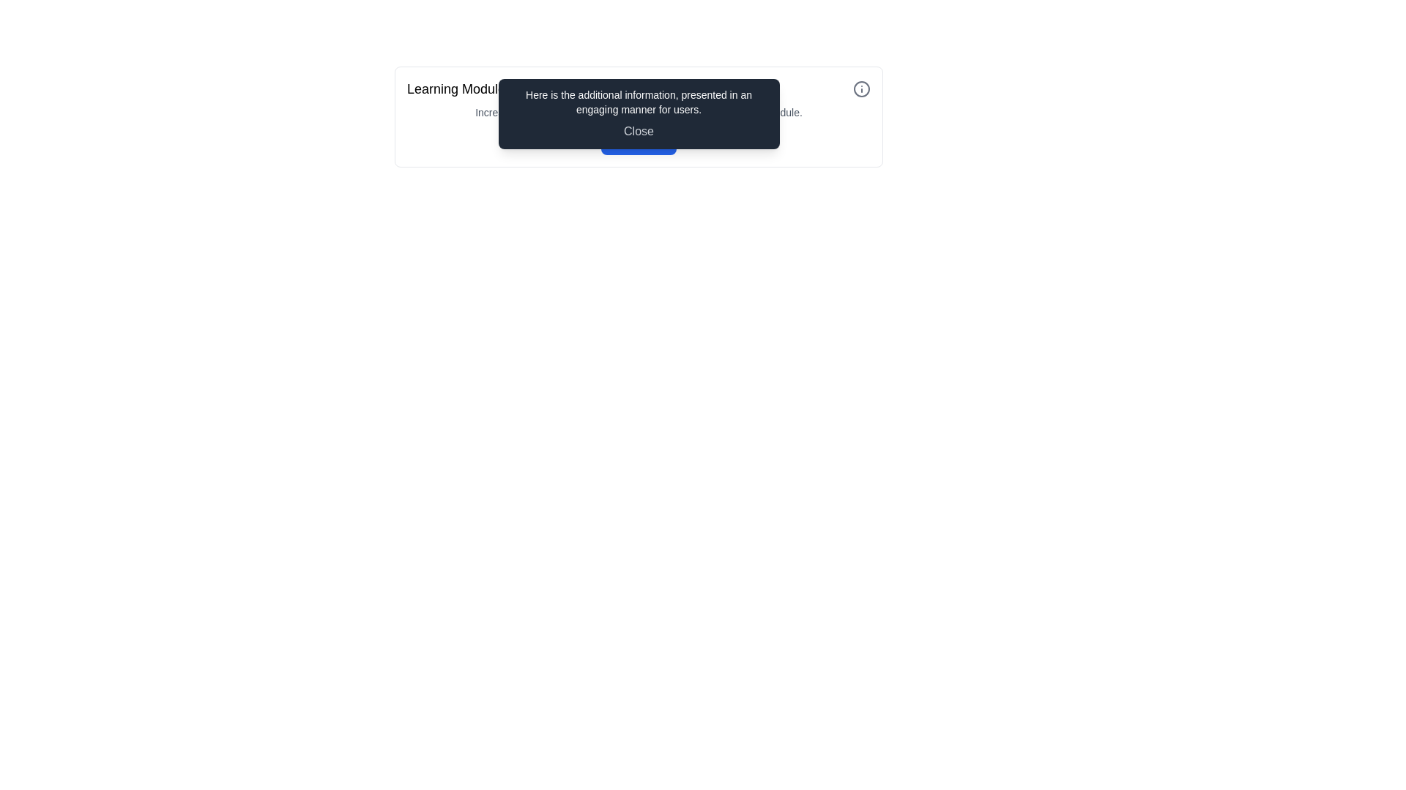 The image size is (1406, 790). Describe the element at coordinates (639, 101) in the screenshot. I see `informational text displayed above the 'Close' button in the popup` at that location.